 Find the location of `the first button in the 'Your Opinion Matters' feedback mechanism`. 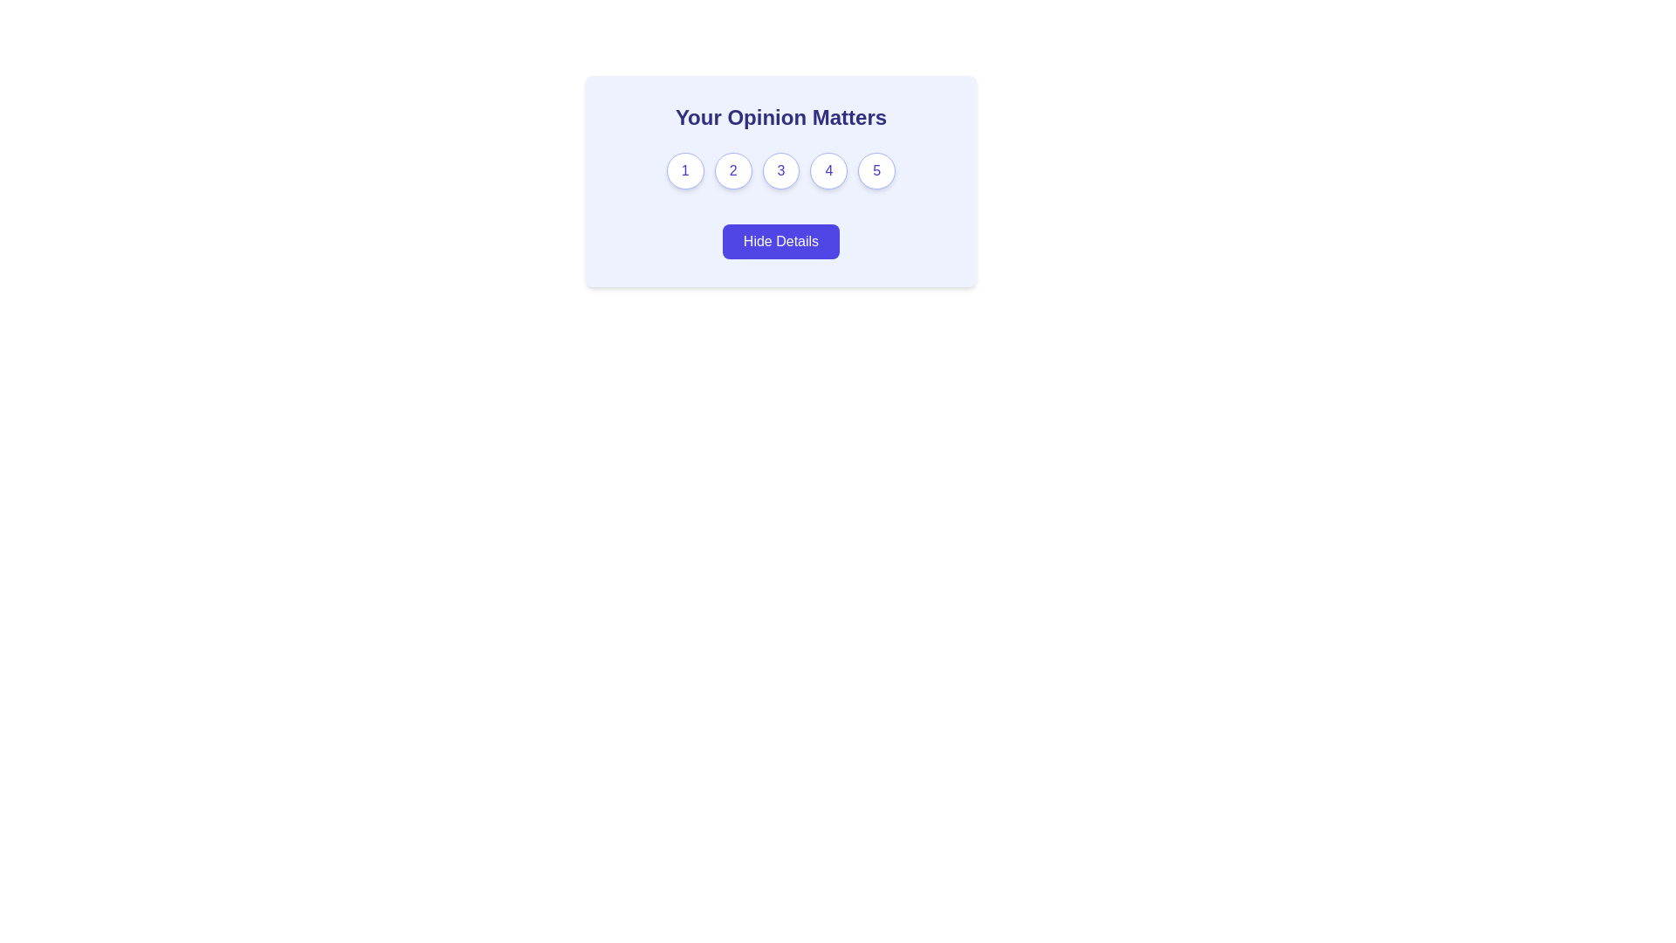

the first button in the 'Your Opinion Matters' feedback mechanism is located at coordinates (684, 171).